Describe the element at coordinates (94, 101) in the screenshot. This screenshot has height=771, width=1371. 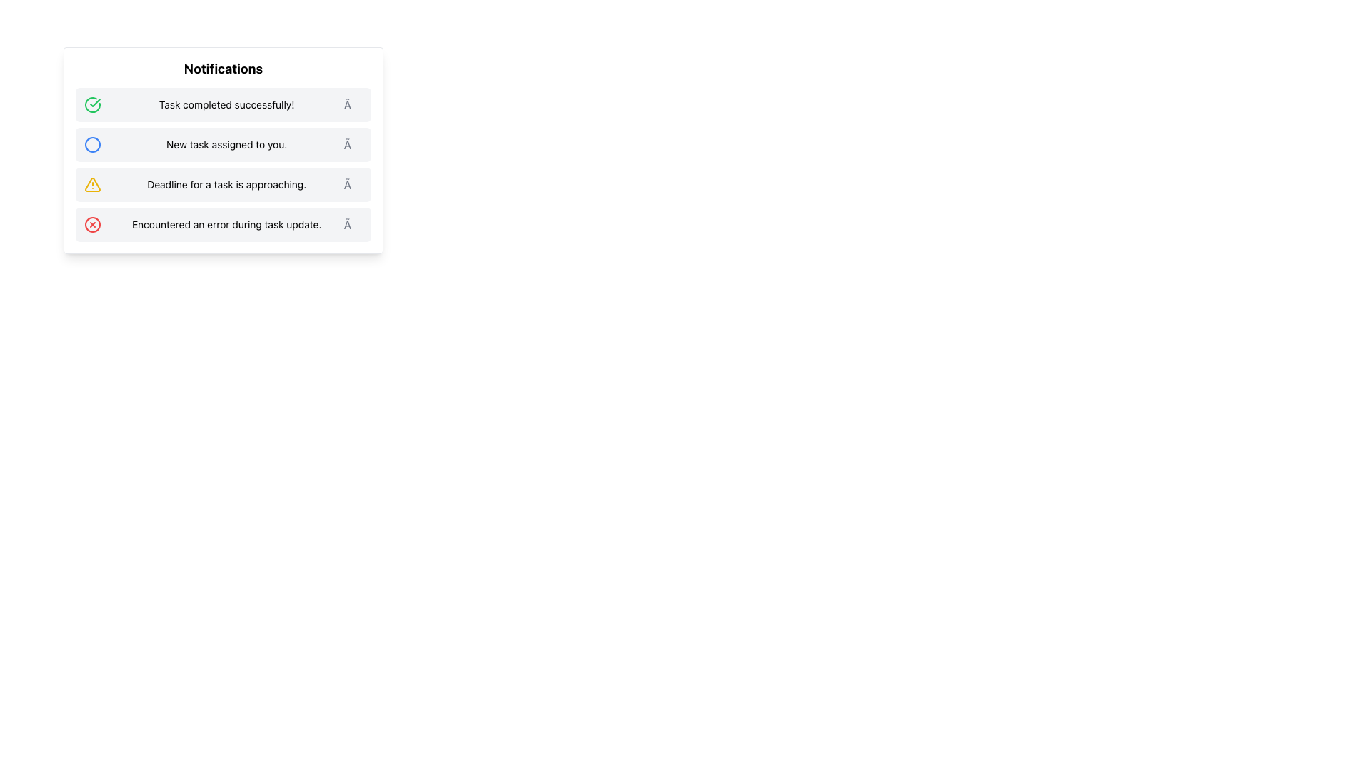
I see `the green checkmark icon within the 'Task completed successfully!' notification, which is located to the left of the notification text` at that location.